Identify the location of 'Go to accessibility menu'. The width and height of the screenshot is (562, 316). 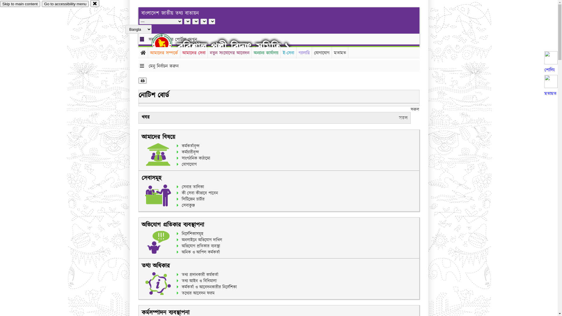
(65, 4).